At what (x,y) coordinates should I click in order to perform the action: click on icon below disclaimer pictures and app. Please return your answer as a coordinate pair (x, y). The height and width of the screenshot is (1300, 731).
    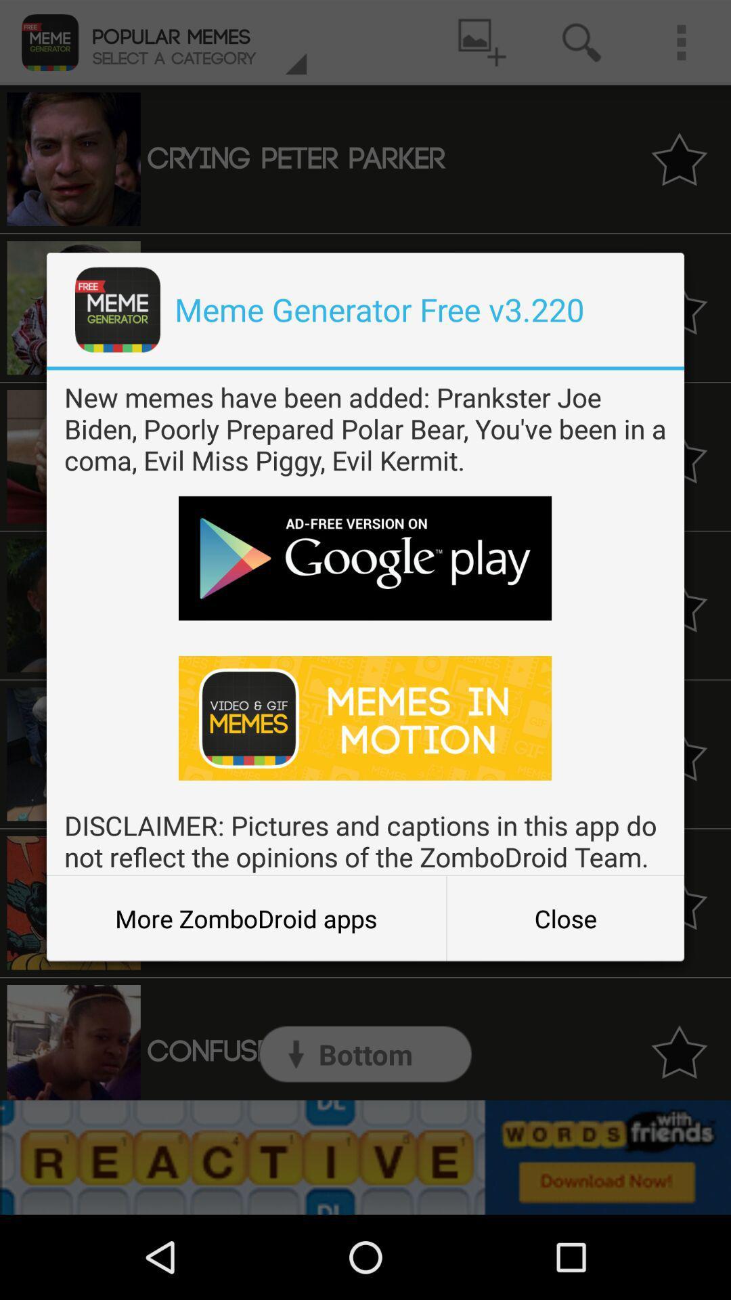
    Looking at the image, I should click on (565, 918).